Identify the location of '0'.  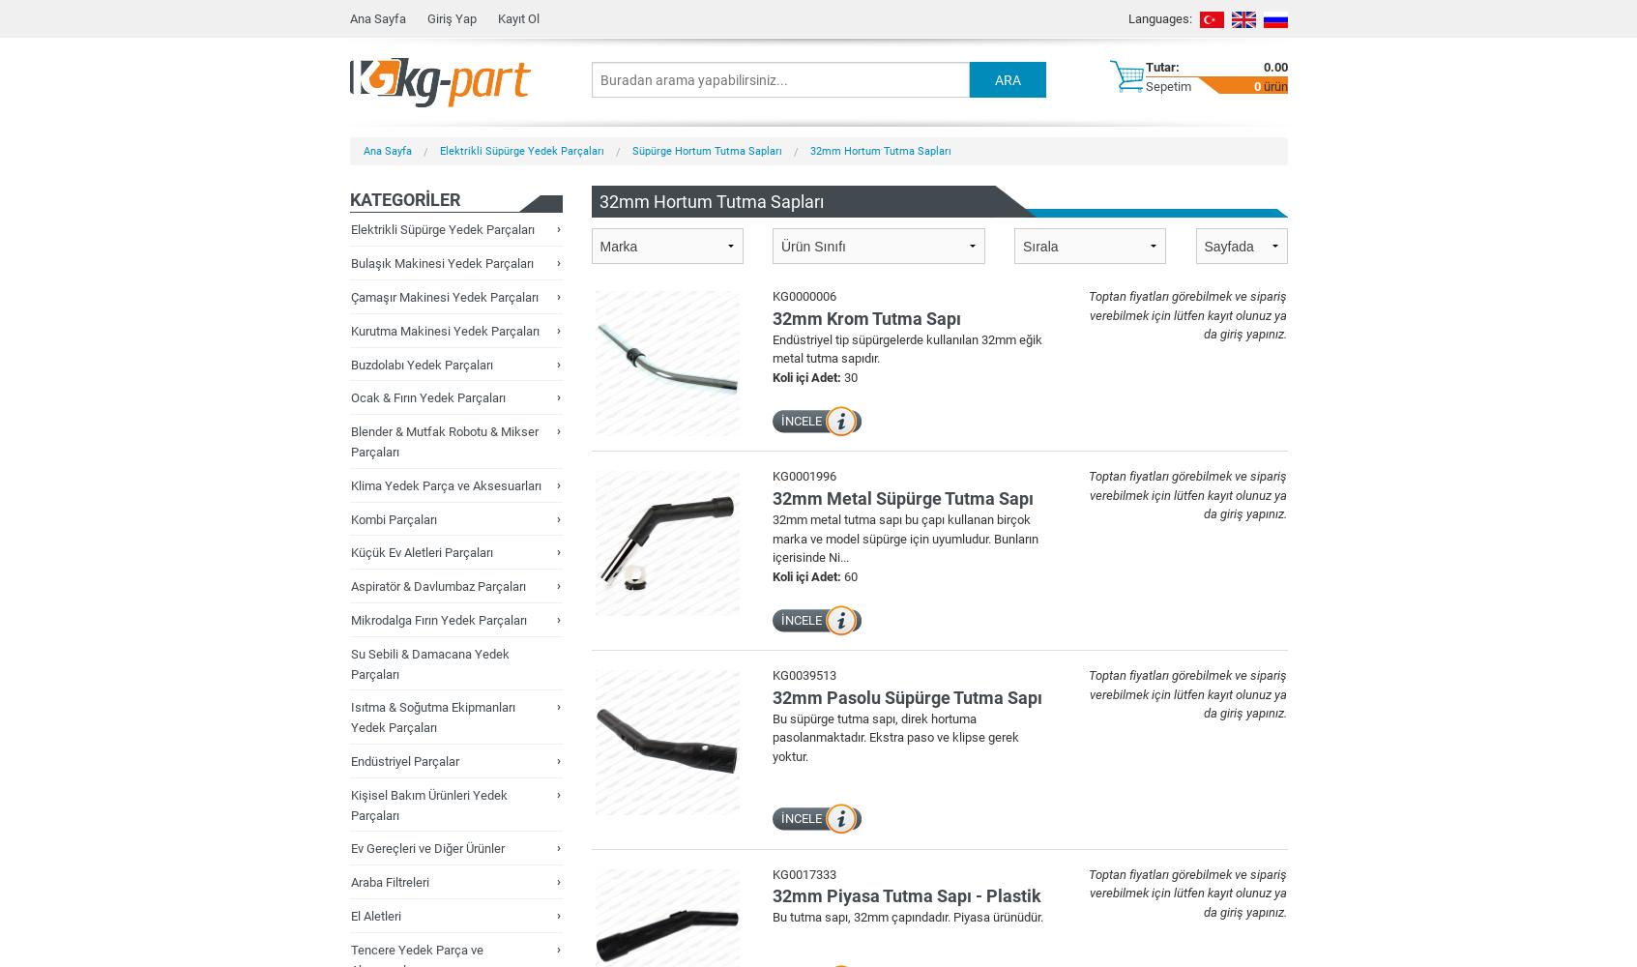
(1256, 84).